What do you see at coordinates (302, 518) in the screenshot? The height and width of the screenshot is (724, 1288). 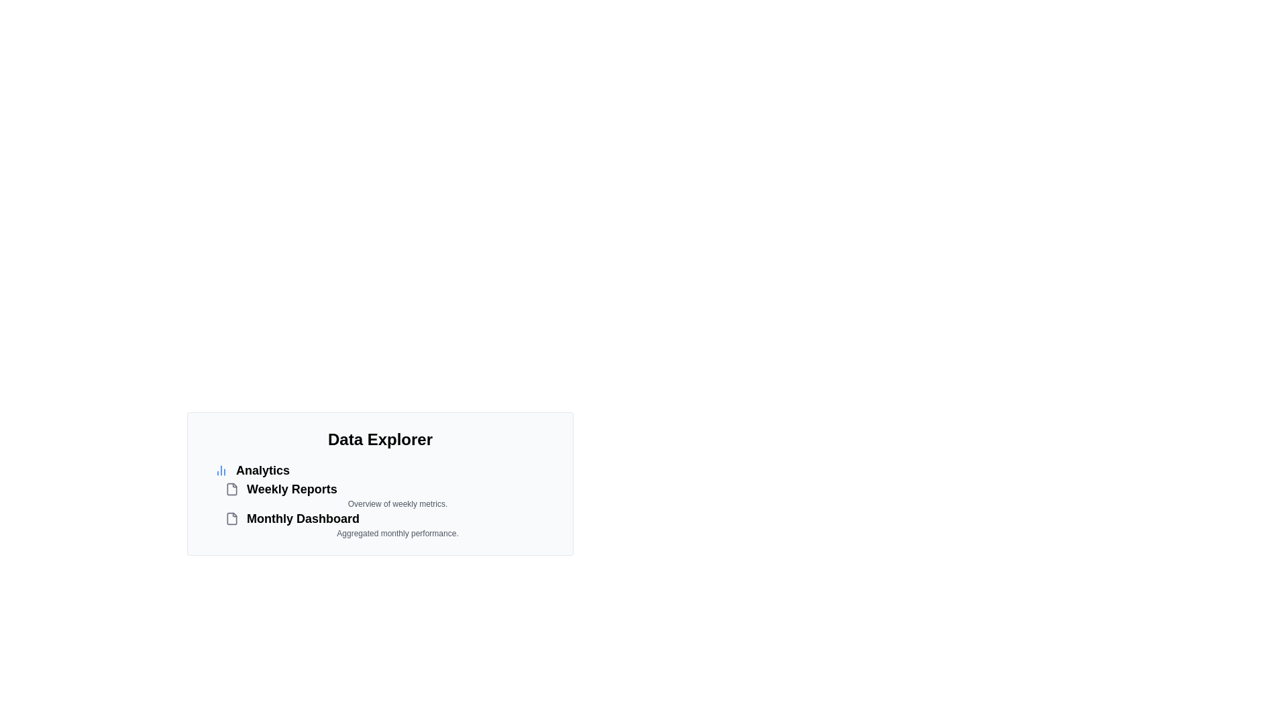 I see `the second textual item under the 'Analytics' category in the 'Data Explorer' section, which is a label indicating content related to a monthly dashboard` at bounding box center [302, 518].